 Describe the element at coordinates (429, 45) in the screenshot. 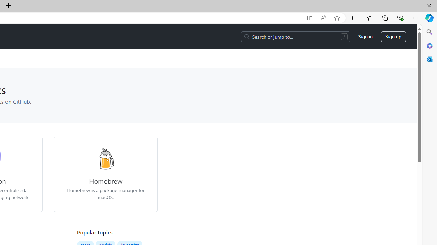

I see `'Microsoft 365'` at that location.